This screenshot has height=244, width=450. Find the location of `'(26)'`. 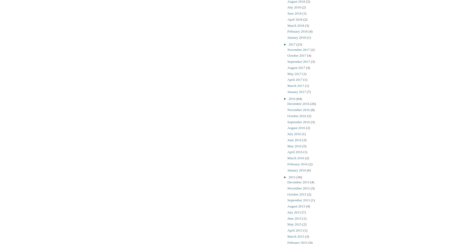

'(26)' is located at coordinates (313, 104).